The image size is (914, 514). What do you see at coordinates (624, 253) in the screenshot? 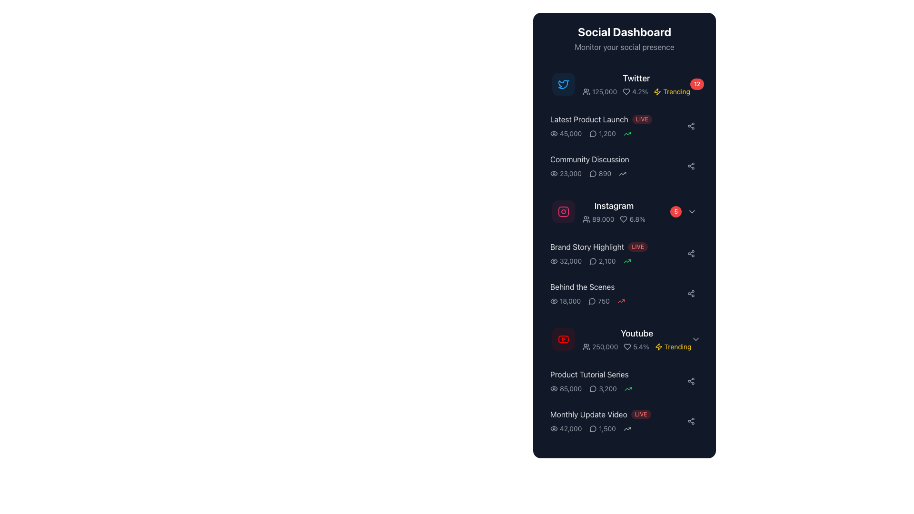
I see `the 'Brand Story Highlight' informational list item in the 'Social Dashboard' panel` at bounding box center [624, 253].